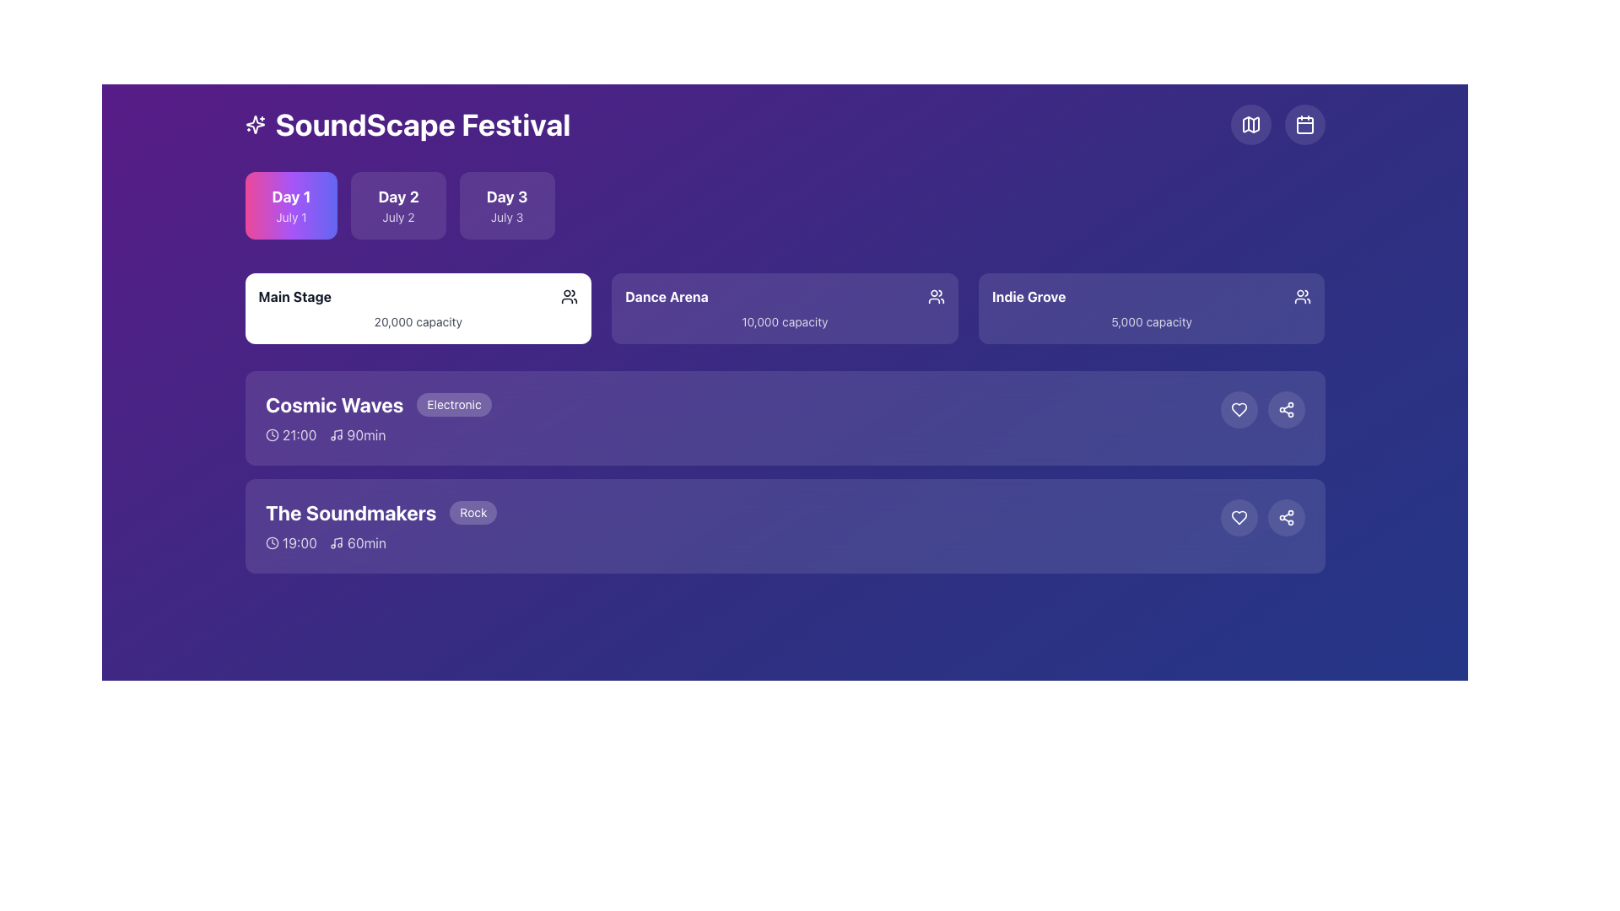 The image size is (1620, 911). What do you see at coordinates (1285, 516) in the screenshot?
I see `the sharing button located at the bottom-right corner of 'The Soundmakers' card, adjacent to the like button` at bounding box center [1285, 516].